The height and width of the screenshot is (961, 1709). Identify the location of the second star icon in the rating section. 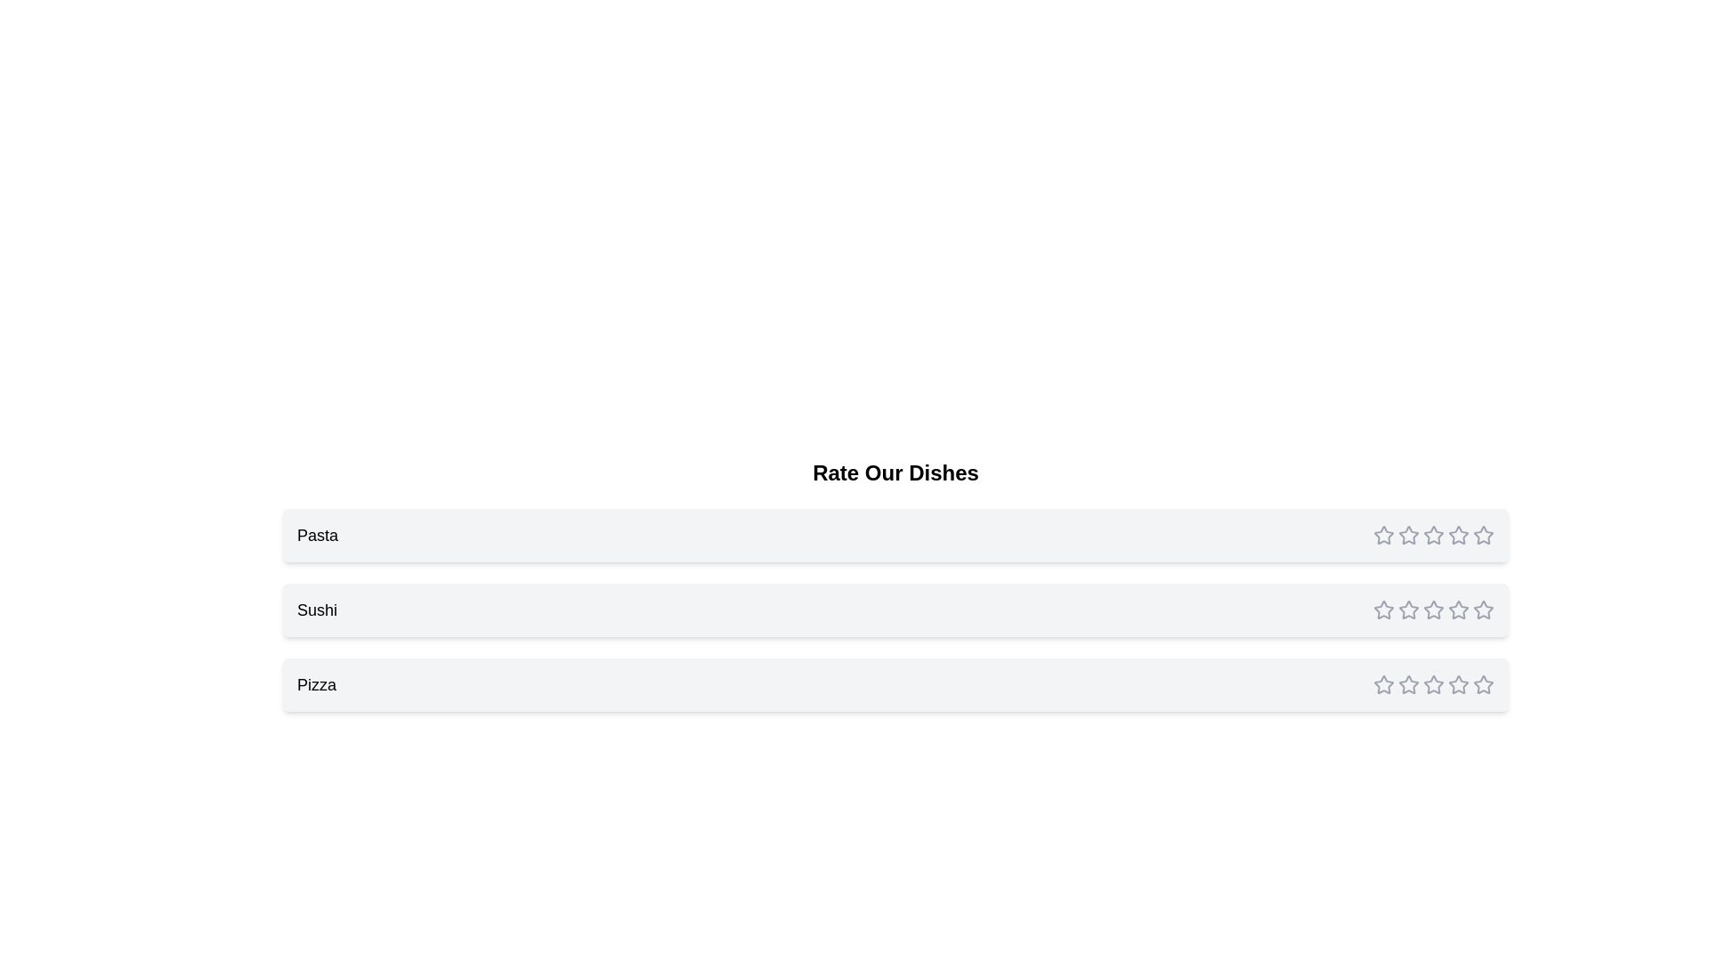
(1408, 609).